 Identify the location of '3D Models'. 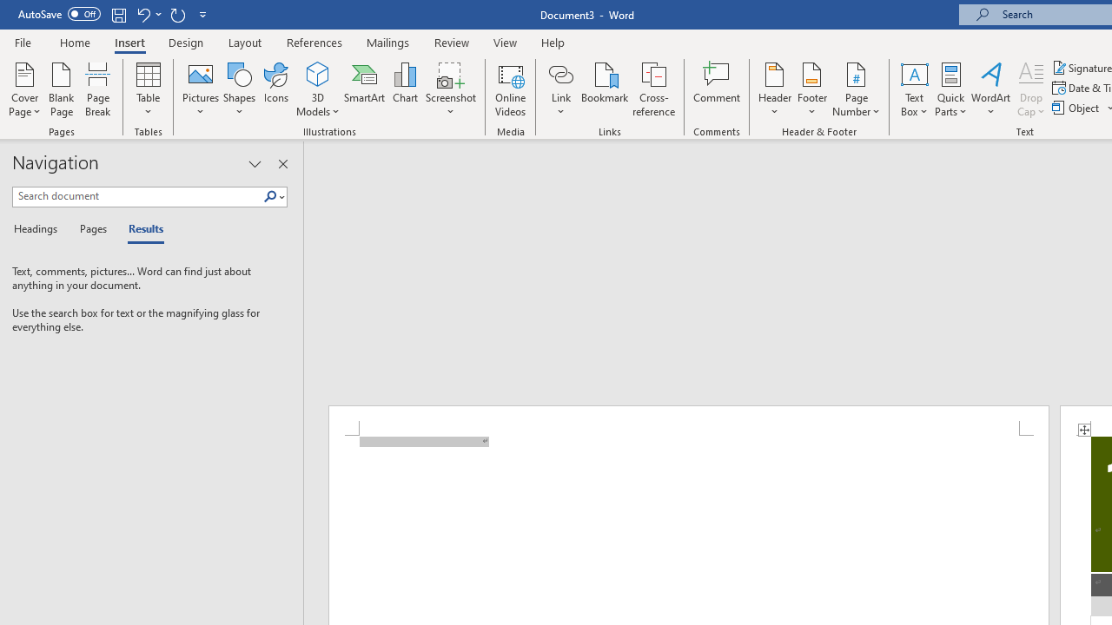
(318, 73).